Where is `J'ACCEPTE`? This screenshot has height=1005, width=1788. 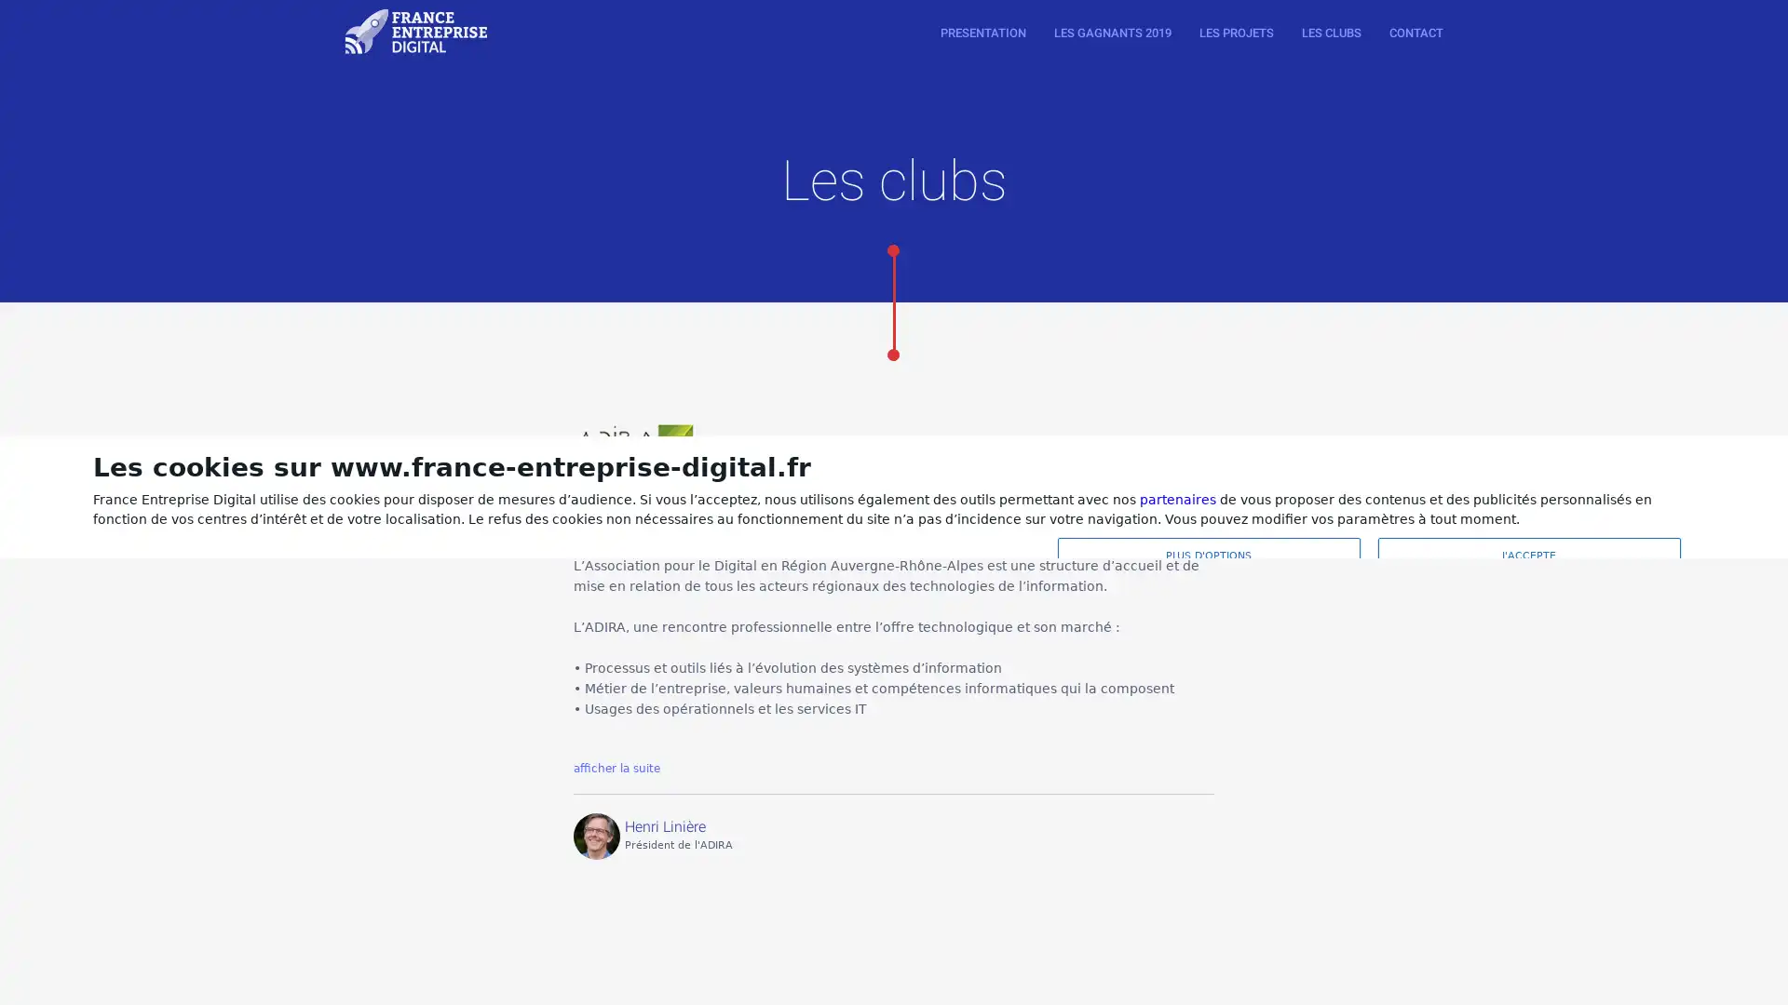
J'ACCEPTE is located at coordinates (1527, 552).